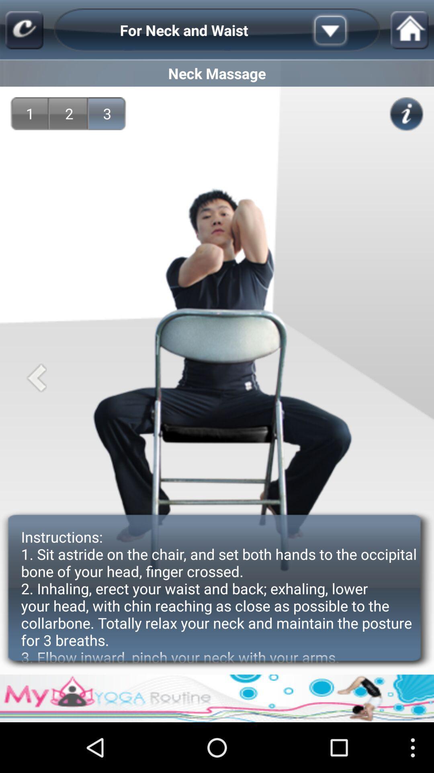 The height and width of the screenshot is (773, 434). I want to click on item below the neck massage, so click(406, 114).